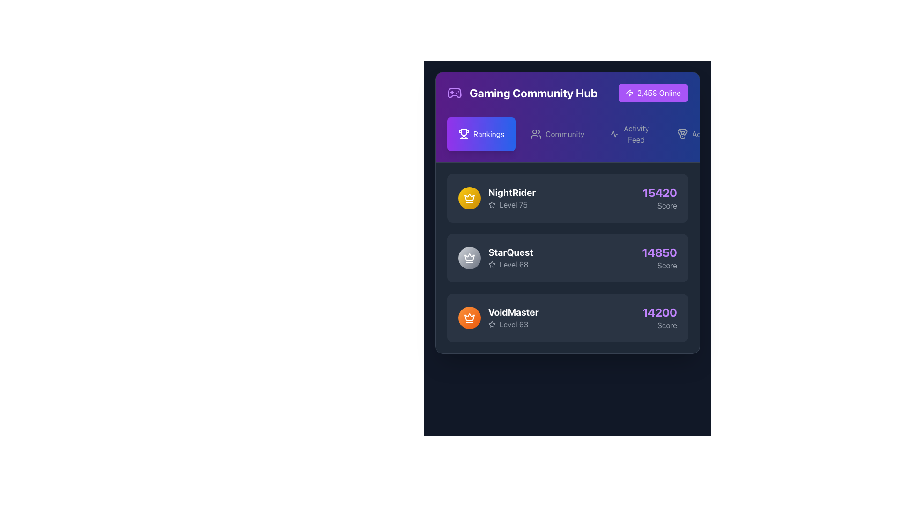 The image size is (899, 505). What do you see at coordinates (513, 312) in the screenshot?
I see `the Text label displaying 'VoidMaster' in bold, large white font, located in the player information block` at bounding box center [513, 312].